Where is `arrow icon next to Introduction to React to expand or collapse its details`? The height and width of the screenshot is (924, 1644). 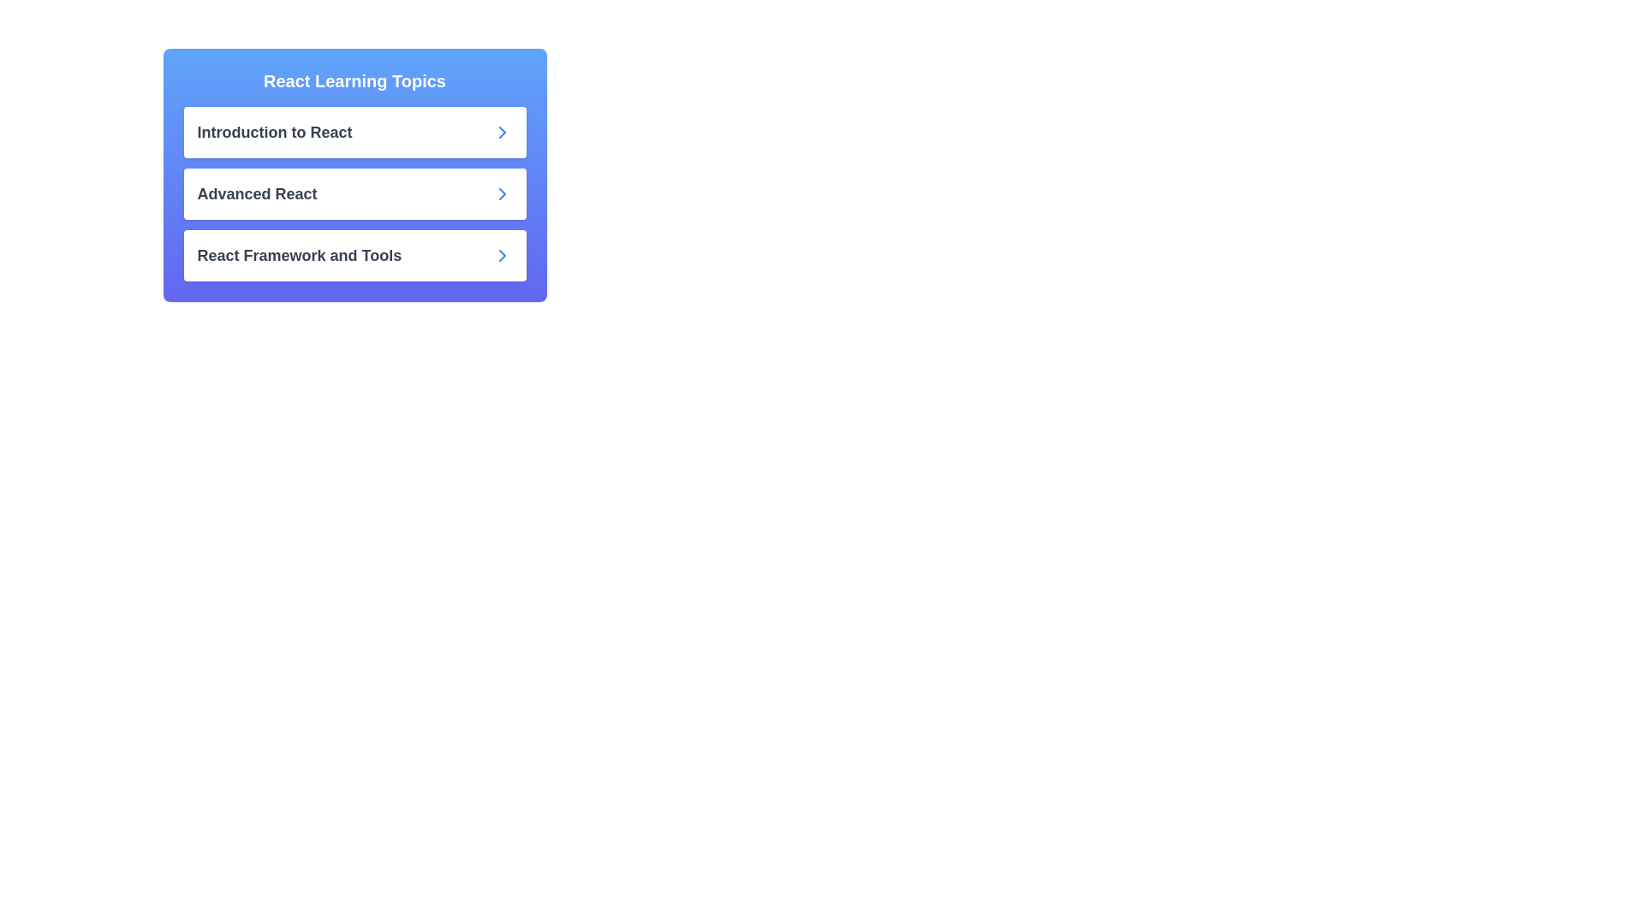 arrow icon next to Introduction to React to expand or collapse its details is located at coordinates (501, 131).